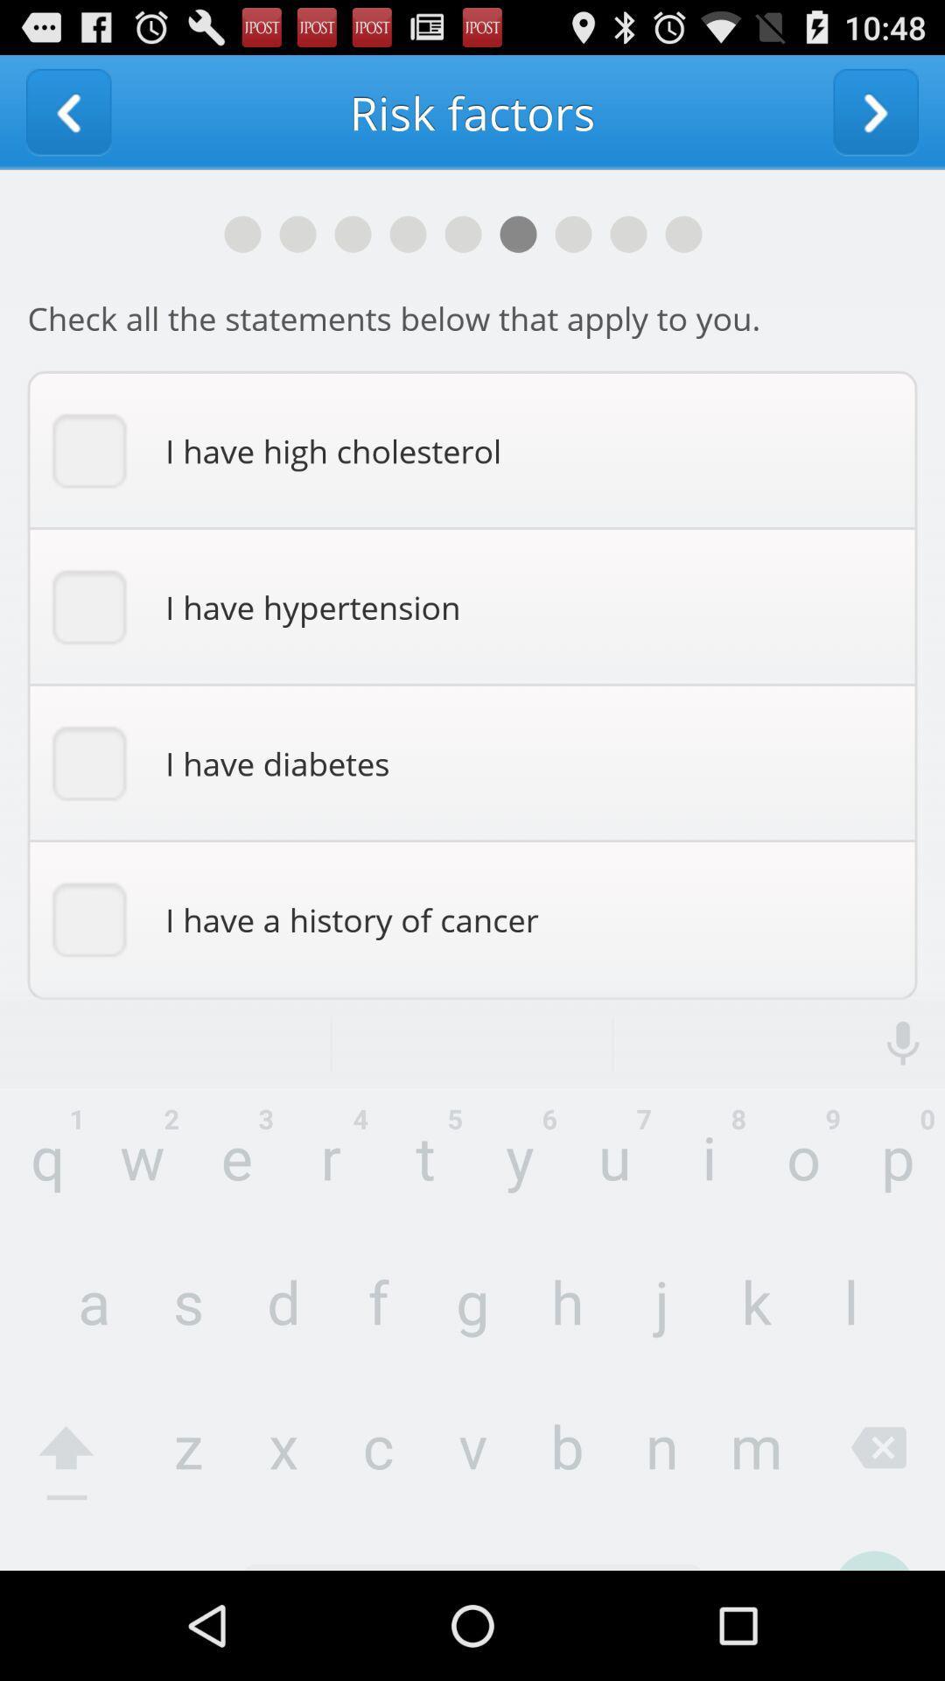 Image resolution: width=945 pixels, height=1681 pixels. Describe the element at coordinates (876, 111) in the screenshot. I see `go foward one page` at that location.